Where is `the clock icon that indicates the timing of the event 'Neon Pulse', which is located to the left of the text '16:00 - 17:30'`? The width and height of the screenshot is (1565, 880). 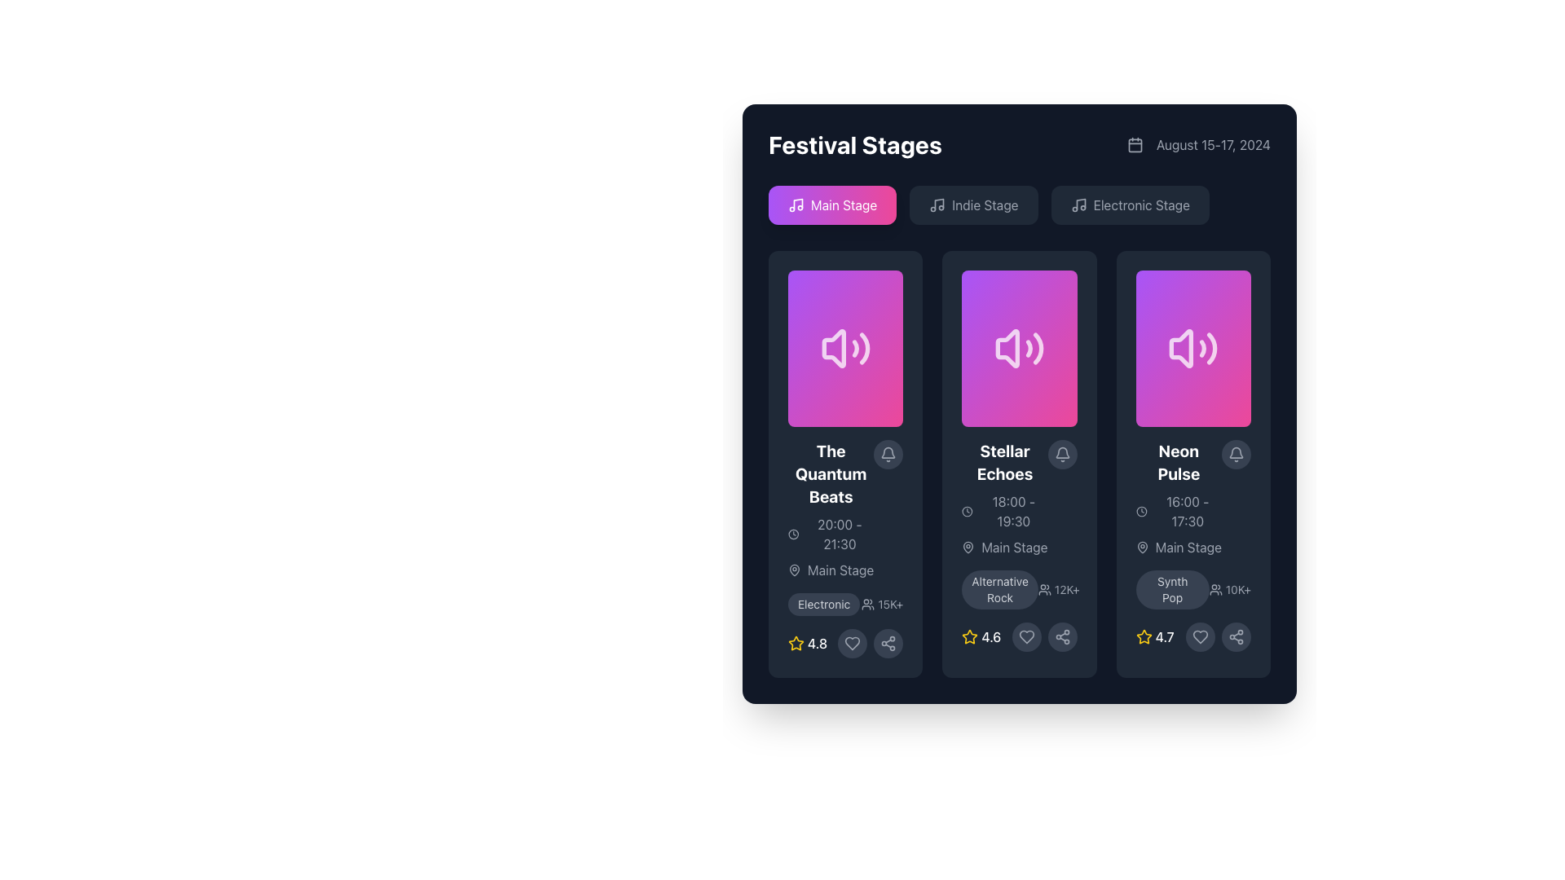
the clock icon that indicates the timing of the event 'Neon Pulse', which is located to the left of the text '16:00 - 17:30' is located at coordinates (1140, 511).